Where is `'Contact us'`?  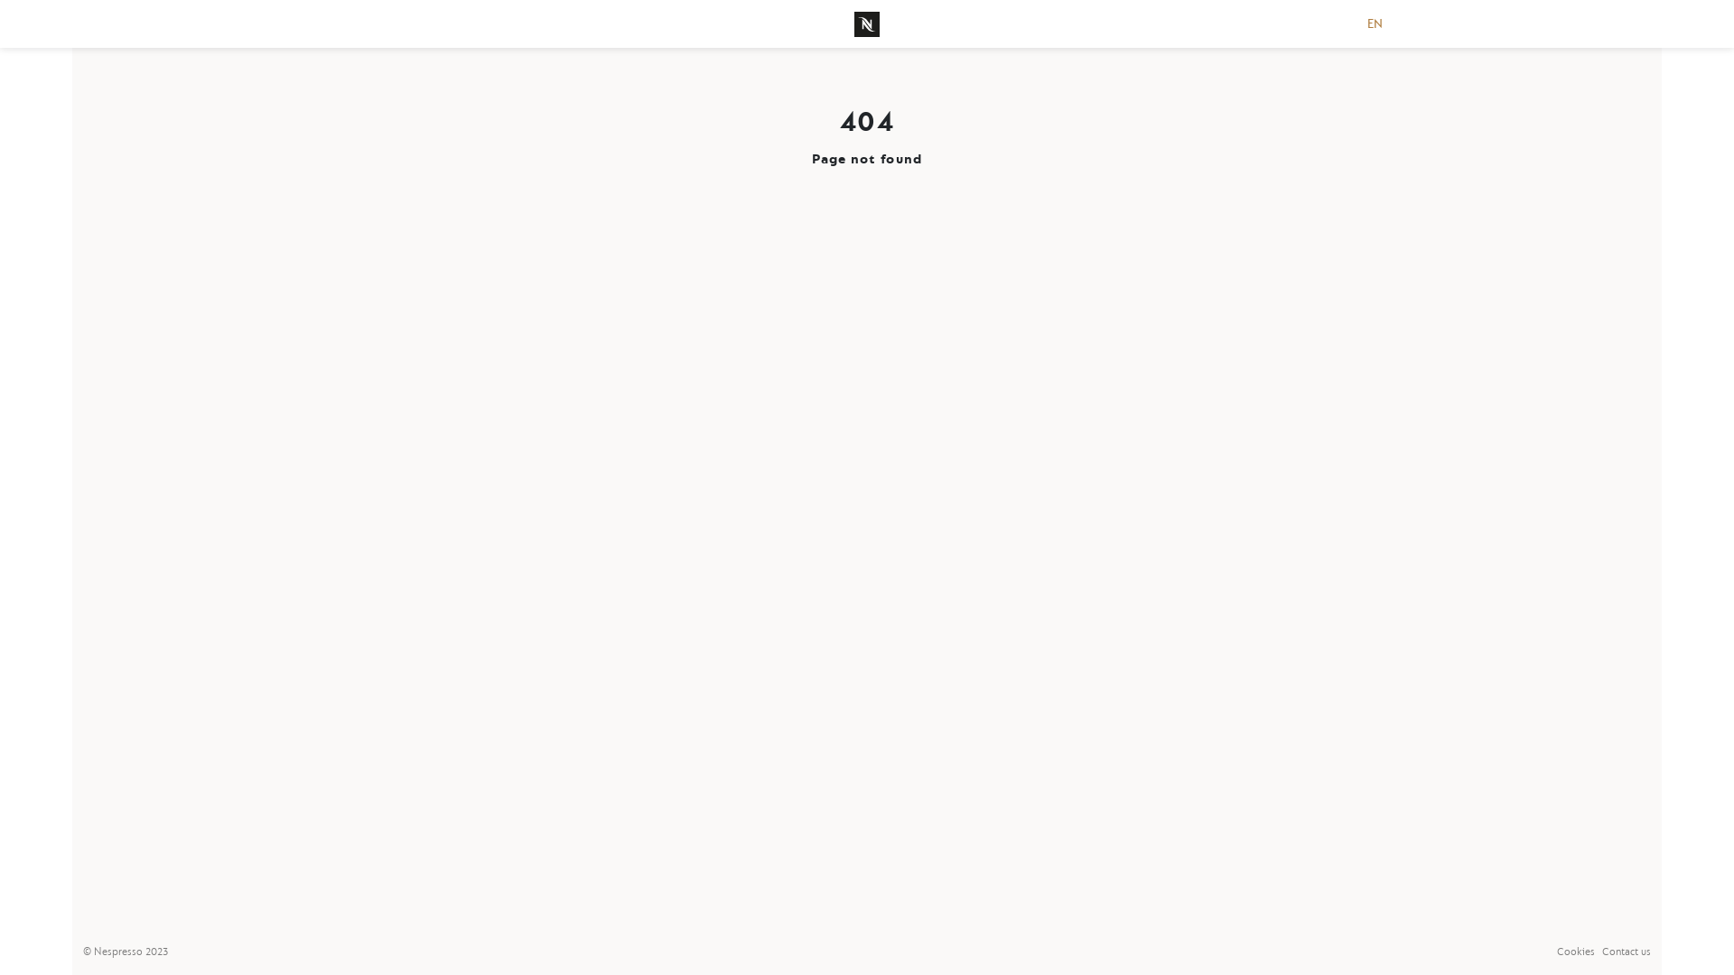
'Contact us' is located at coordinates (1626, 951).